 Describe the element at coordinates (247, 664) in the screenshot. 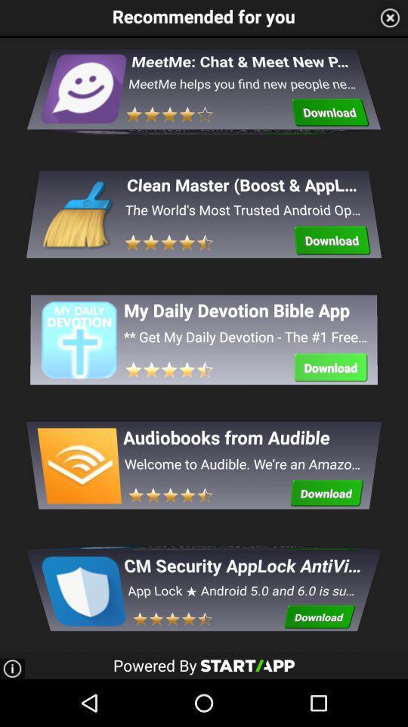

I see `the startapp` at that location.